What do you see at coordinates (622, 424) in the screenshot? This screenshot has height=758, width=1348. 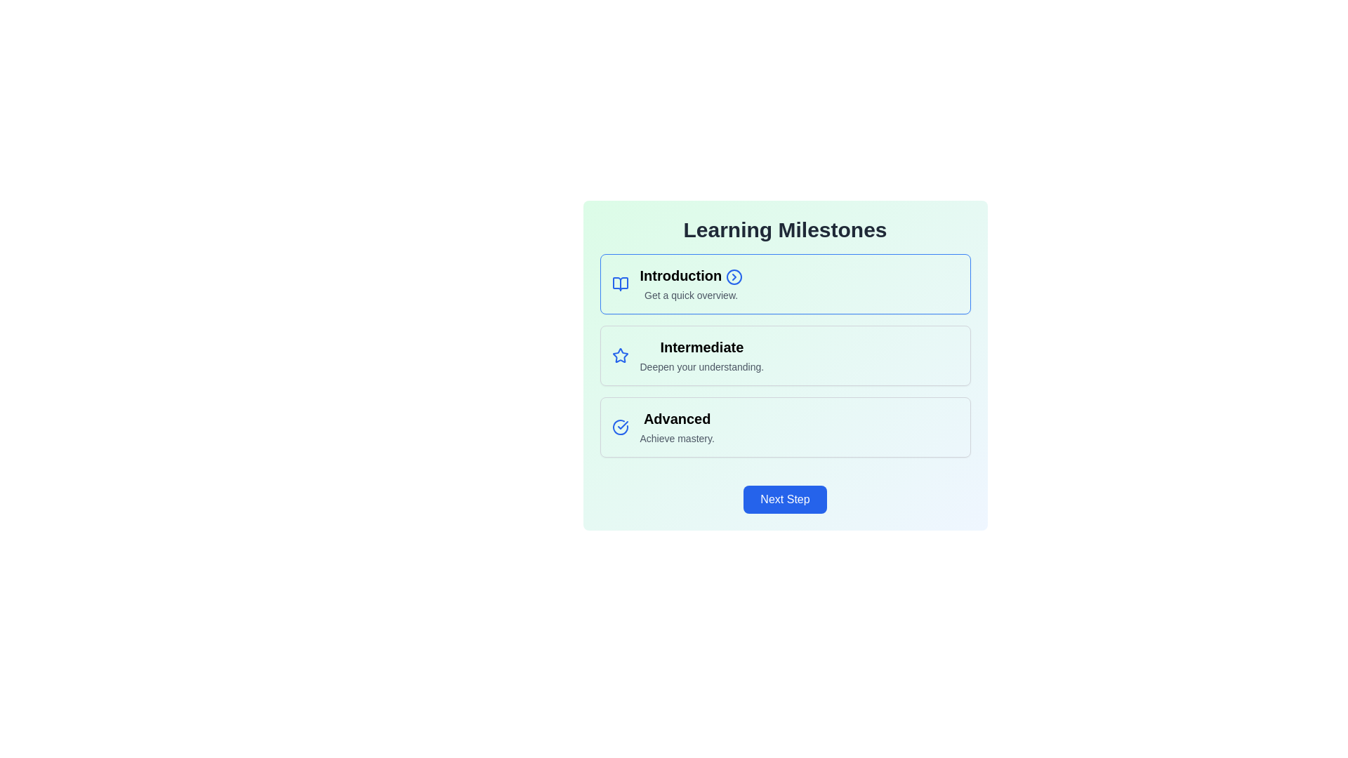 I see `the checkmark icon next to the 'Introduction' section header, which is part of an SVG icon with thin and smooth lines` at bounding box center [622, 424].